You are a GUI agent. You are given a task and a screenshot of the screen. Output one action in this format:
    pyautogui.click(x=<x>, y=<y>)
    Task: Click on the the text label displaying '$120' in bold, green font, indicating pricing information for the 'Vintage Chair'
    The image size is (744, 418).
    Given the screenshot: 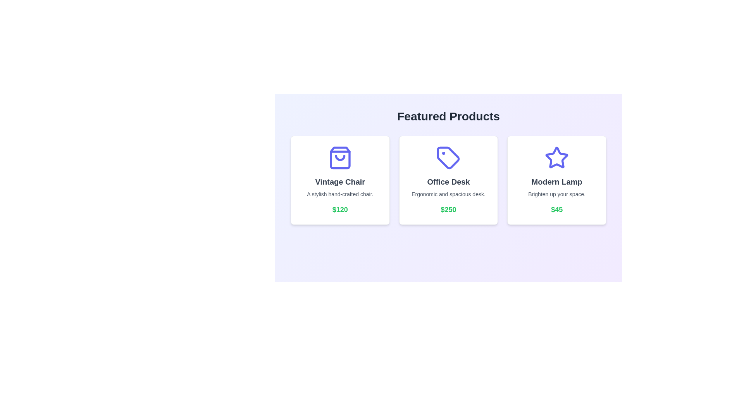 What is the action you would take?
    pyautogui.click(x=340, y=210)
    